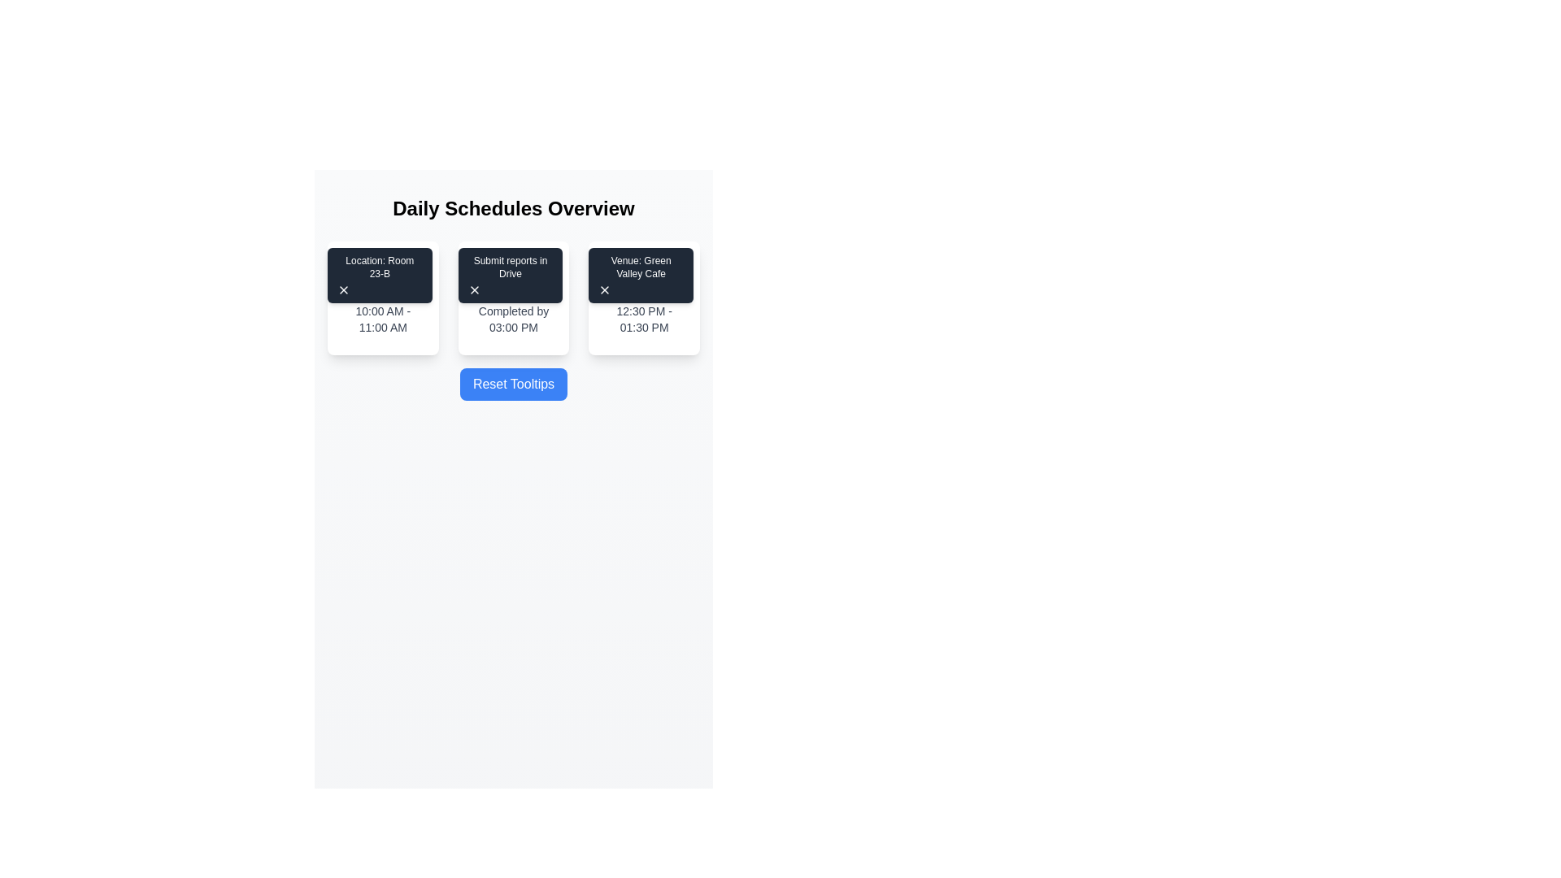 Image resolution: width=1561 pixels, height=878 pixels. What do you see at coordinates (513, 298) in the screenshot?
I see `the middle card in the three-column grid layout containing the header 'Submit reports in Drive'` at bounding box center [513, 298].